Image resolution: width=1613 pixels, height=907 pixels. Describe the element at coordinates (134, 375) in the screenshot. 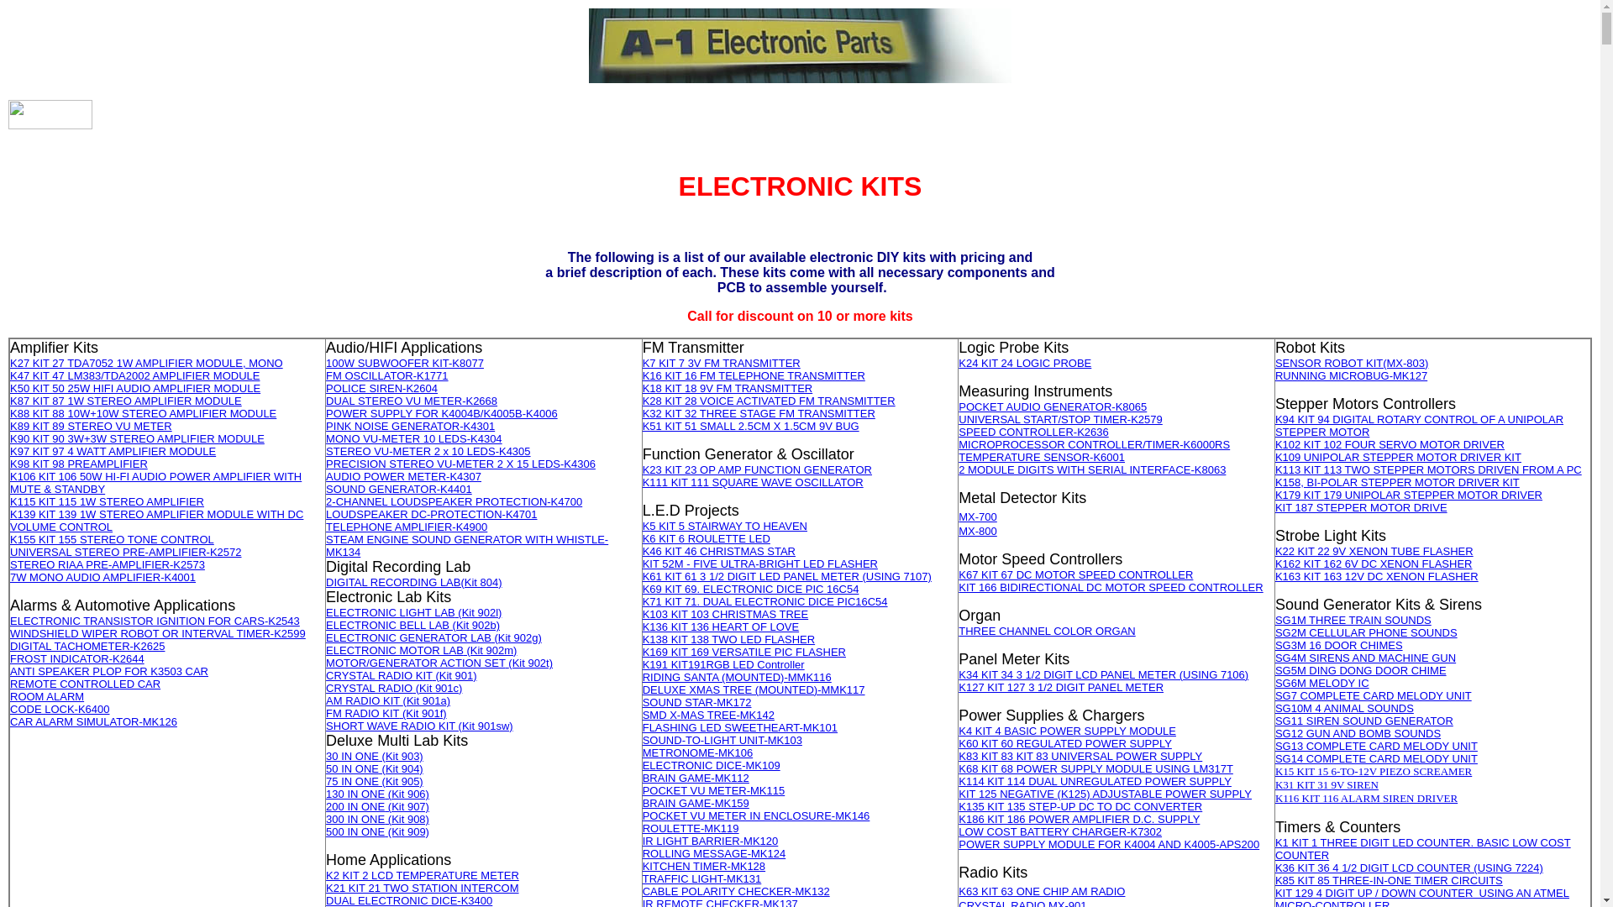

I see `'K47 KIT 47 LM383/TDA2002 AMPLIFIER MODULE'` at that location.